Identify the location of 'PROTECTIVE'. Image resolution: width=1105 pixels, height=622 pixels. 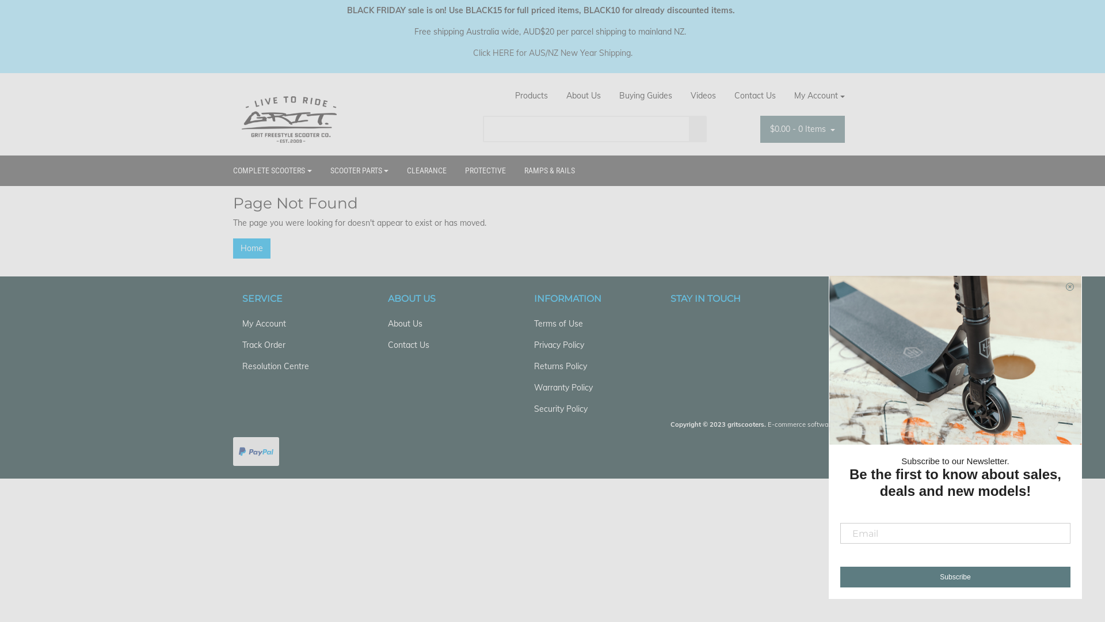
(485, 170).